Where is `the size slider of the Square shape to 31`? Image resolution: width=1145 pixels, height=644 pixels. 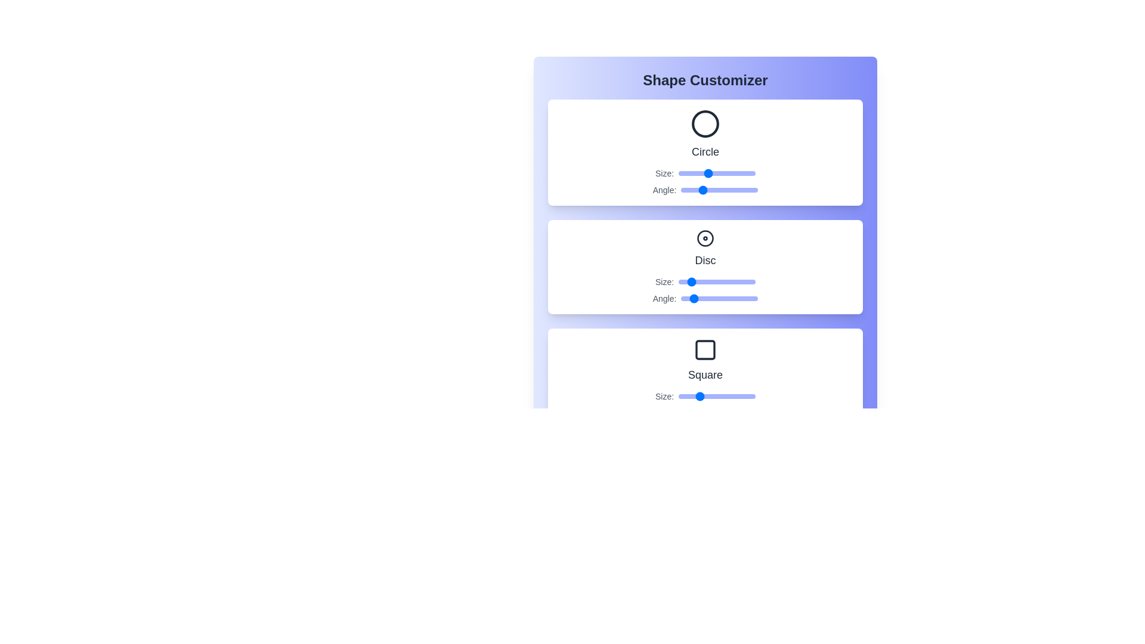 the size slider of the Square shape to 31 is located at coordinates (689, 396).